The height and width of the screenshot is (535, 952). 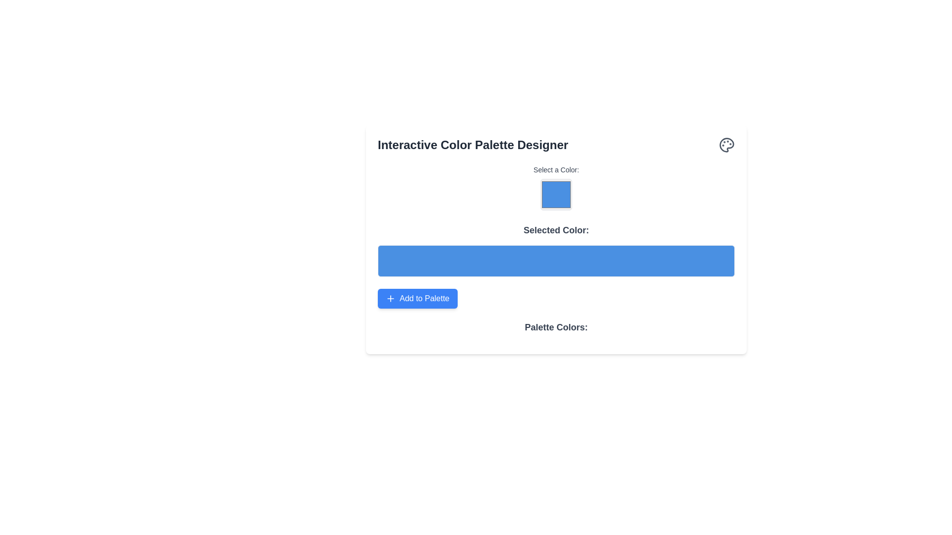 I want to click on displayed label 'Selected Color:' from the Label and Color Display located below the 'Select a Color' selector in the 'Interactive Color Palette Designer' interface, so click(x=556, y=250).